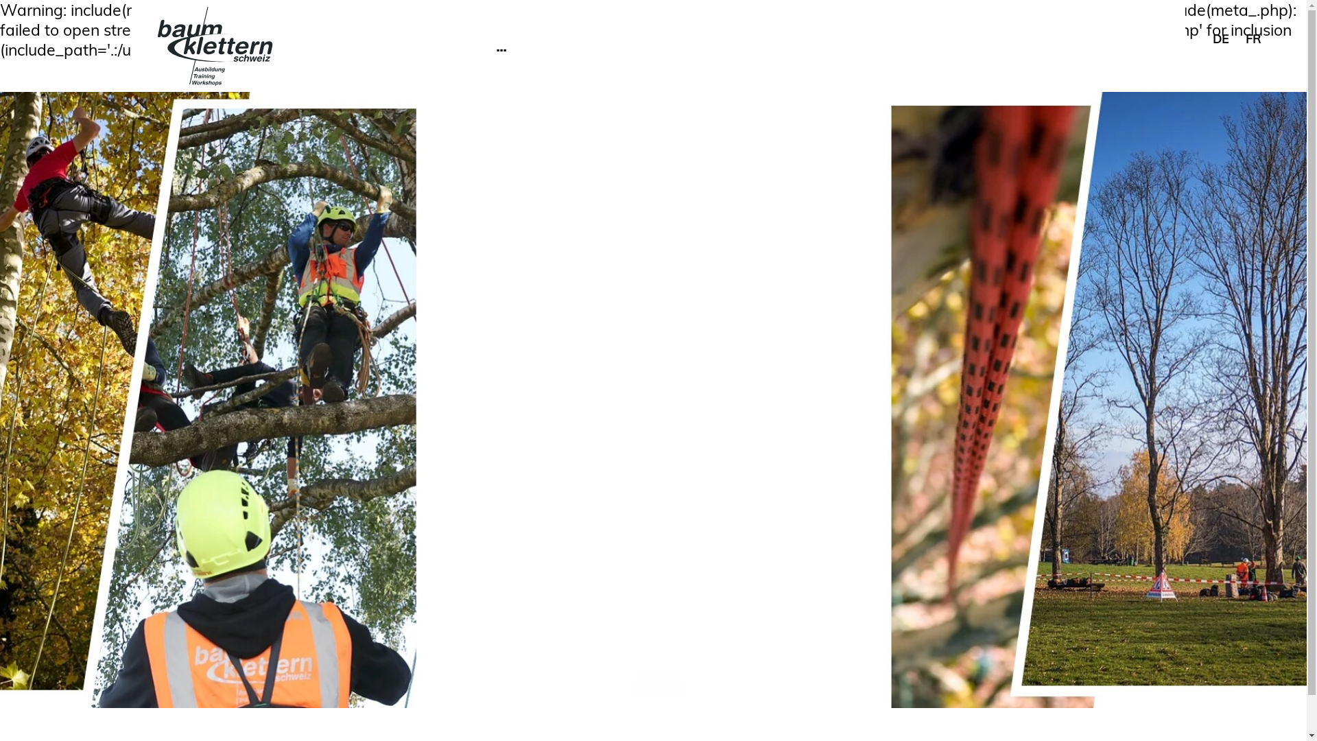 The width and height of the screenshot is (1317, 741). I want to click on 'FR', so click(1253, 38).